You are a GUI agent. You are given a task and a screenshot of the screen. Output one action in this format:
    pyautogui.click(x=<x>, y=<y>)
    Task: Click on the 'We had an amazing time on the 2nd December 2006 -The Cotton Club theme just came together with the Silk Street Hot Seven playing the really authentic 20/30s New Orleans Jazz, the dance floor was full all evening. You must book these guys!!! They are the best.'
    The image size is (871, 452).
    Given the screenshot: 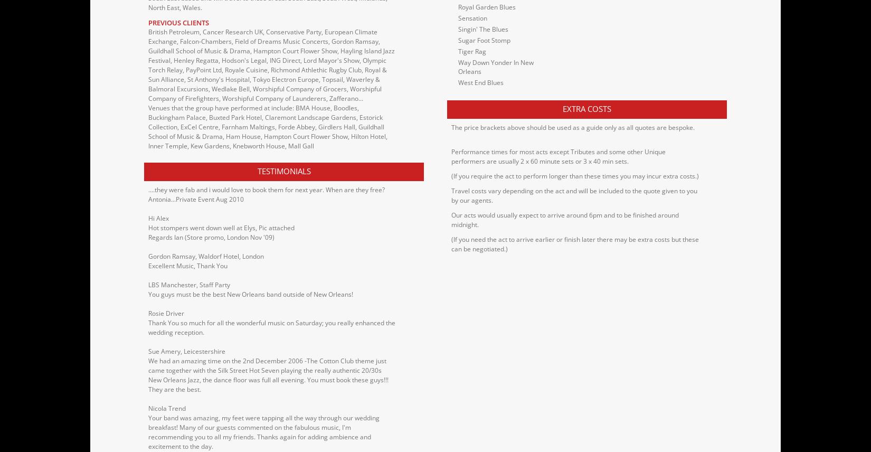 What is the action you would take?
    pyautogui.click(x=268, y=374)
    